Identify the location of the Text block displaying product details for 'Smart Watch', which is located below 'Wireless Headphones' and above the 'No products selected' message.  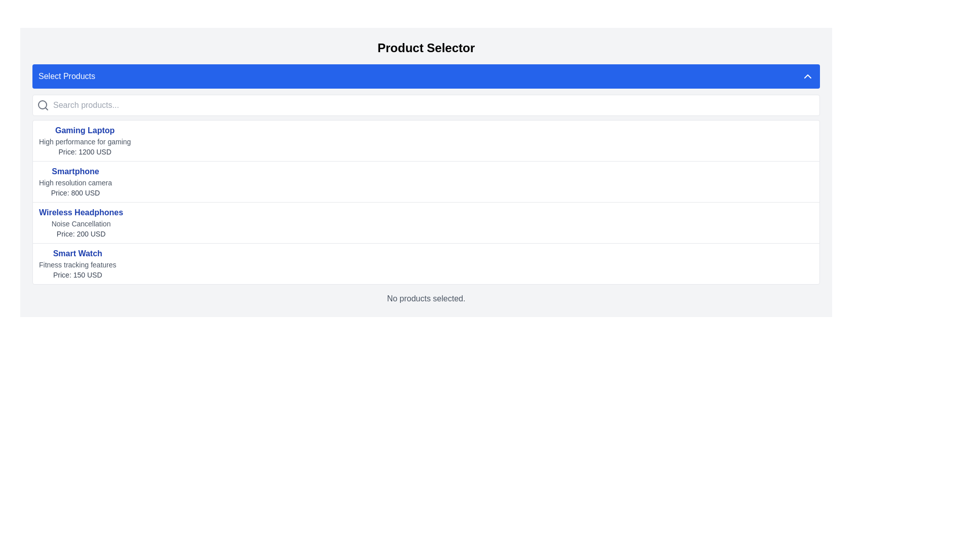
(77, 263).